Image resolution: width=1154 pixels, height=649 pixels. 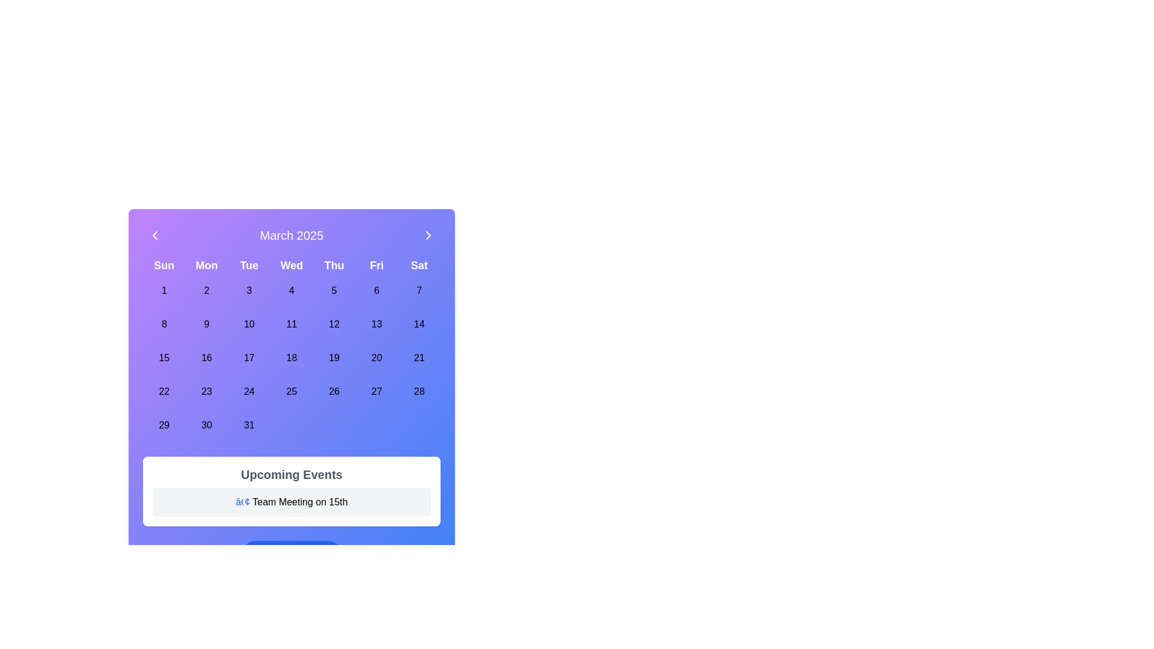 I want to click on the rounded rectangular button displaying the number '1' in black text, located directly below the 'Sun' label in the calendar grid layout, to trigger hover effects, so click(x=163, y=290).